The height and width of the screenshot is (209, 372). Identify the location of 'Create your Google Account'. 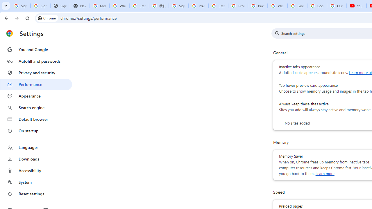
(139, 6).